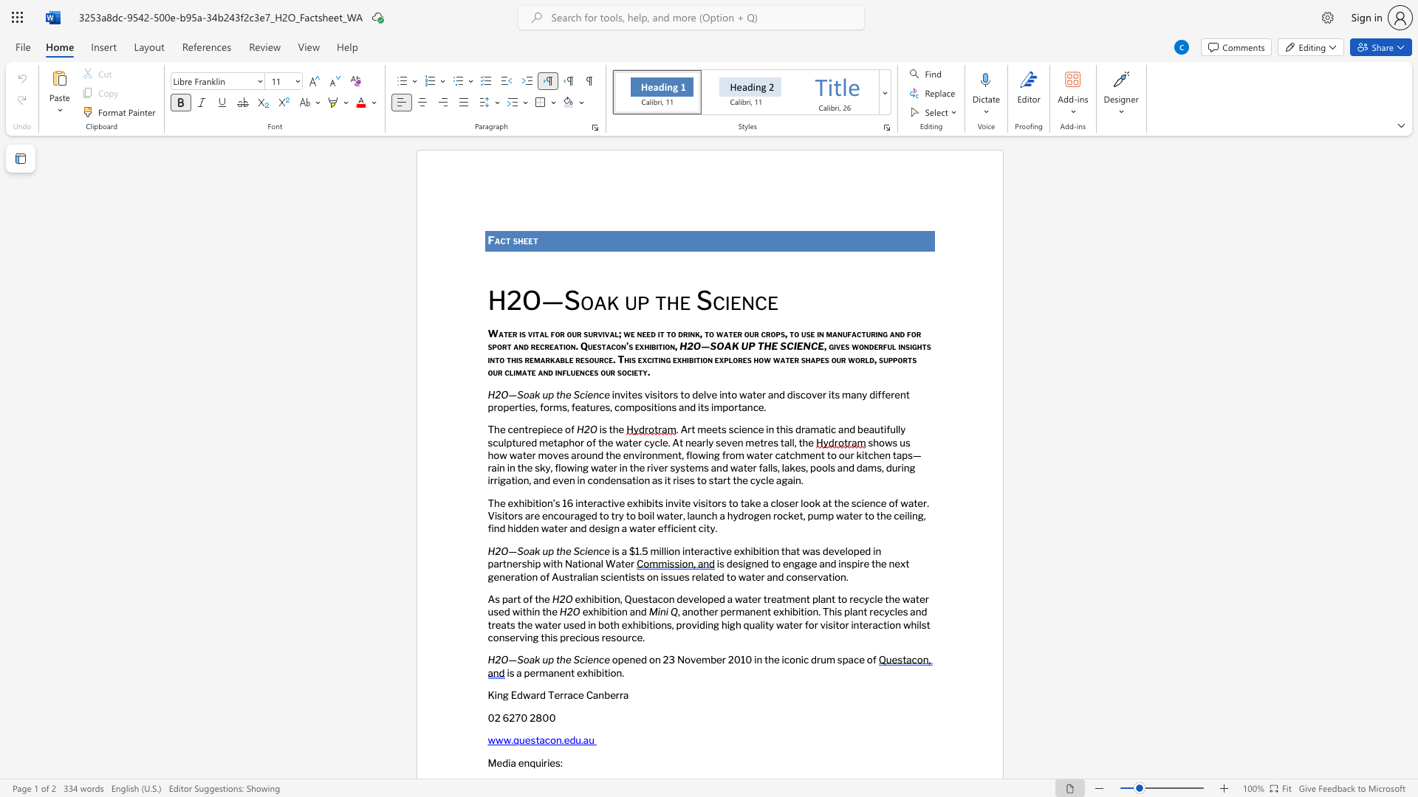 This screenshot has height=797, width=1418. I want to click on the subset text "on explores how water shapes our w" within the text ", gives wonderful insights into this remarkable resource. This exciting exhibition explores how water shapes our world, supports our", so click(702, 359).